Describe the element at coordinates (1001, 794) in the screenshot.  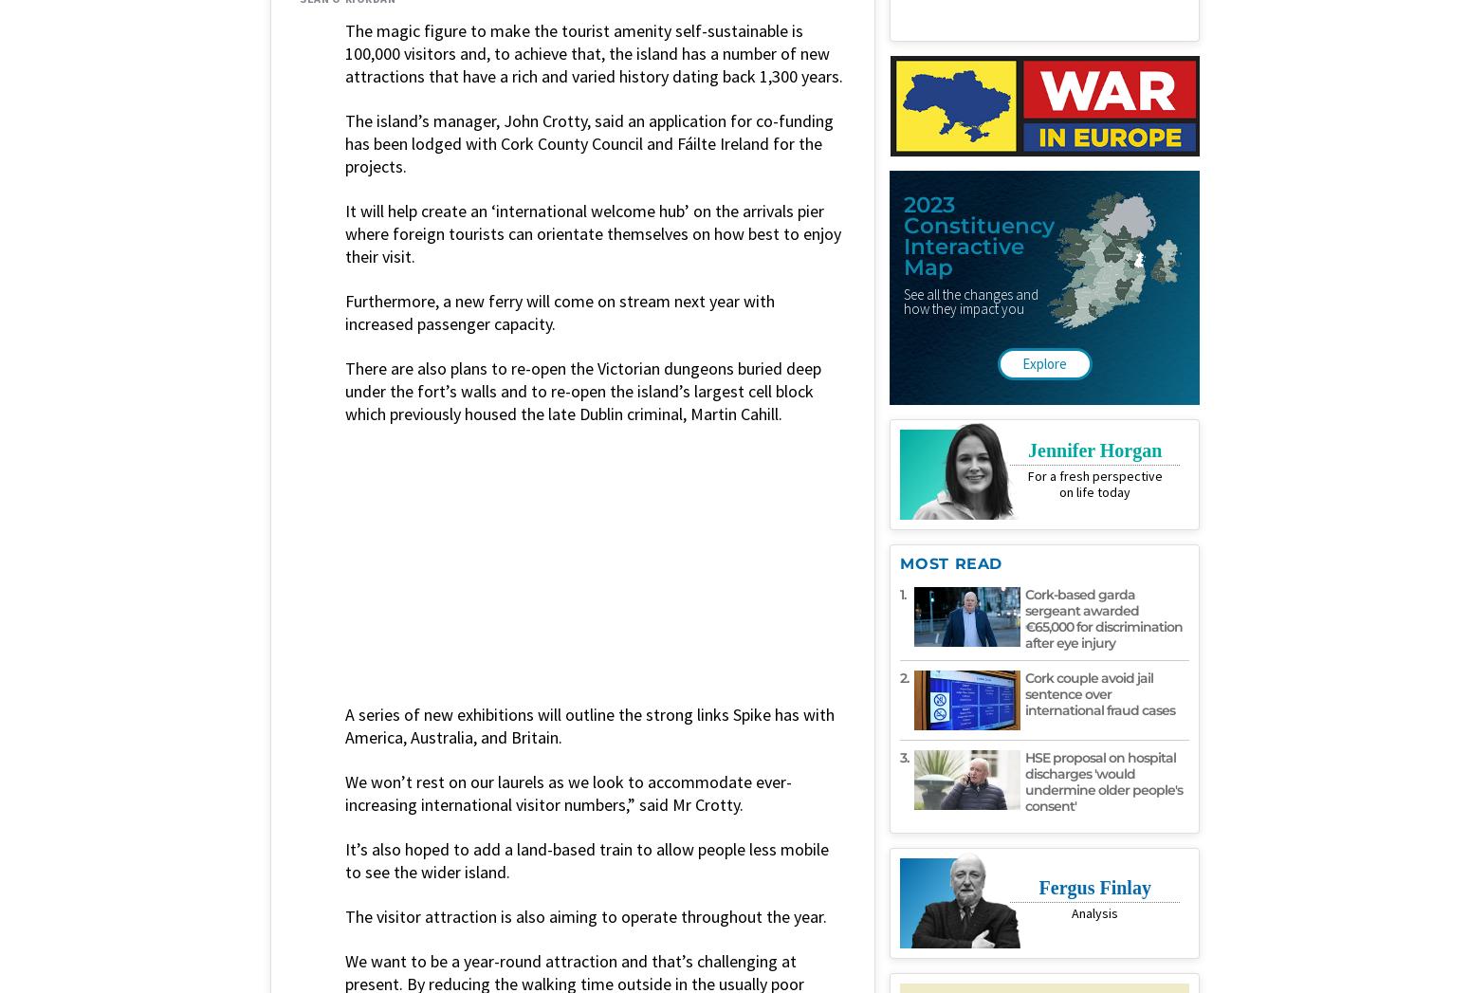
I see `'Newsletters'` at that location.